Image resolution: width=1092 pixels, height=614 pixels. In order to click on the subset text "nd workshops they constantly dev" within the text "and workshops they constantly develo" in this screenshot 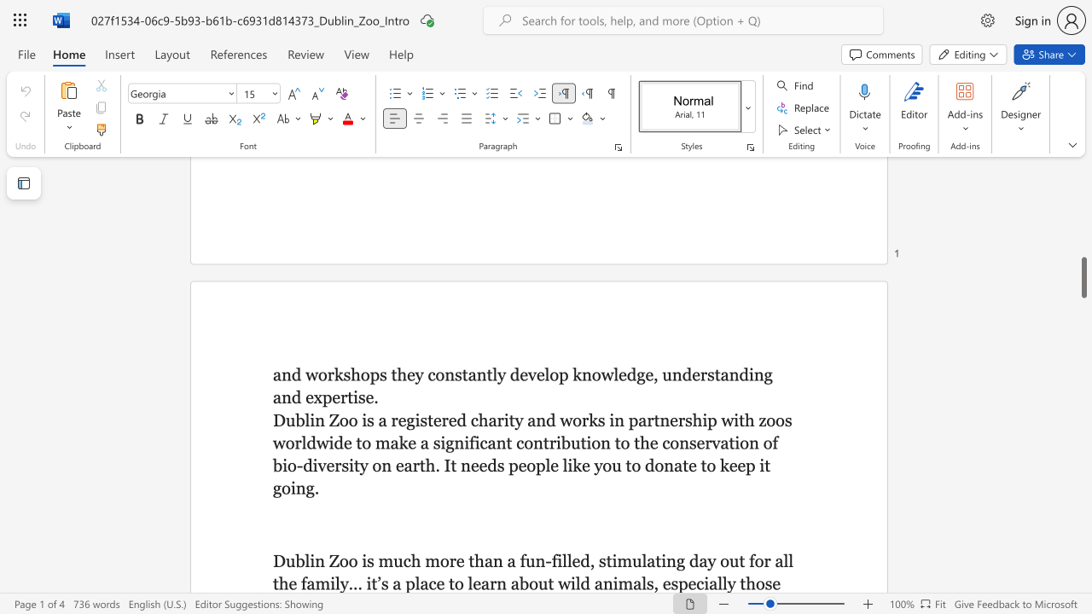, I will do `click(282, 374)`.